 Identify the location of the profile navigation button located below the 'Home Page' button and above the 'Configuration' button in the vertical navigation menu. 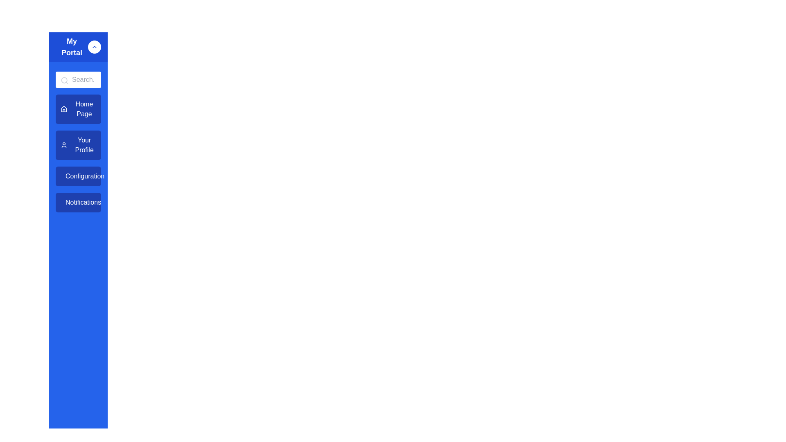
(78, 144).